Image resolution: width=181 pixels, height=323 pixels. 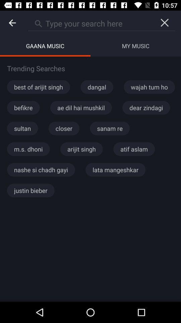 What do you see at coordinates (64, 128) in the screenshot?
I see `closer` at bounding box center [64, 128].